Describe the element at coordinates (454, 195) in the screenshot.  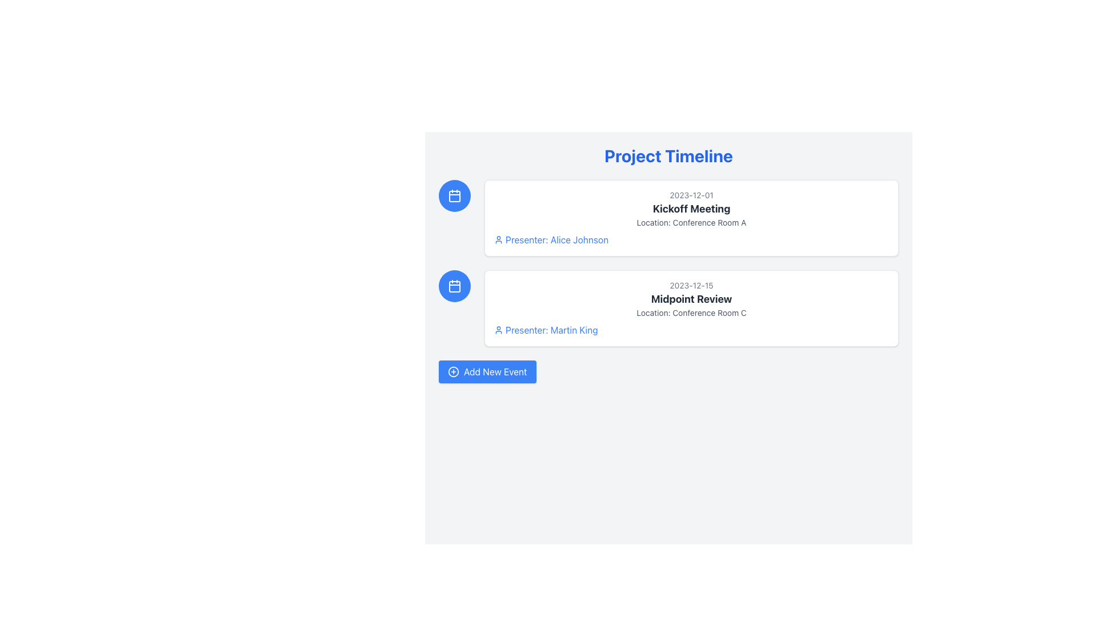
I see `the small rectangle with rounded corners within the SVG calendar icon, which is adjacent to the text '2023-12-01 Kickoff Meeting' and above the 'Add New Event' button` at that location.